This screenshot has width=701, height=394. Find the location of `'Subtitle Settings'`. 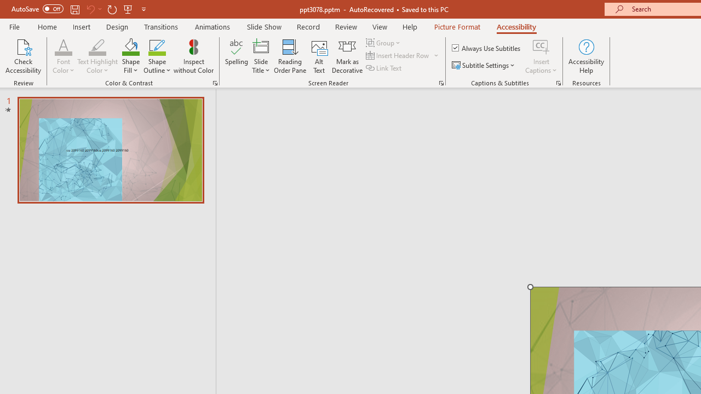

'Subtitle Settings' is located at coordinates (484, 65).